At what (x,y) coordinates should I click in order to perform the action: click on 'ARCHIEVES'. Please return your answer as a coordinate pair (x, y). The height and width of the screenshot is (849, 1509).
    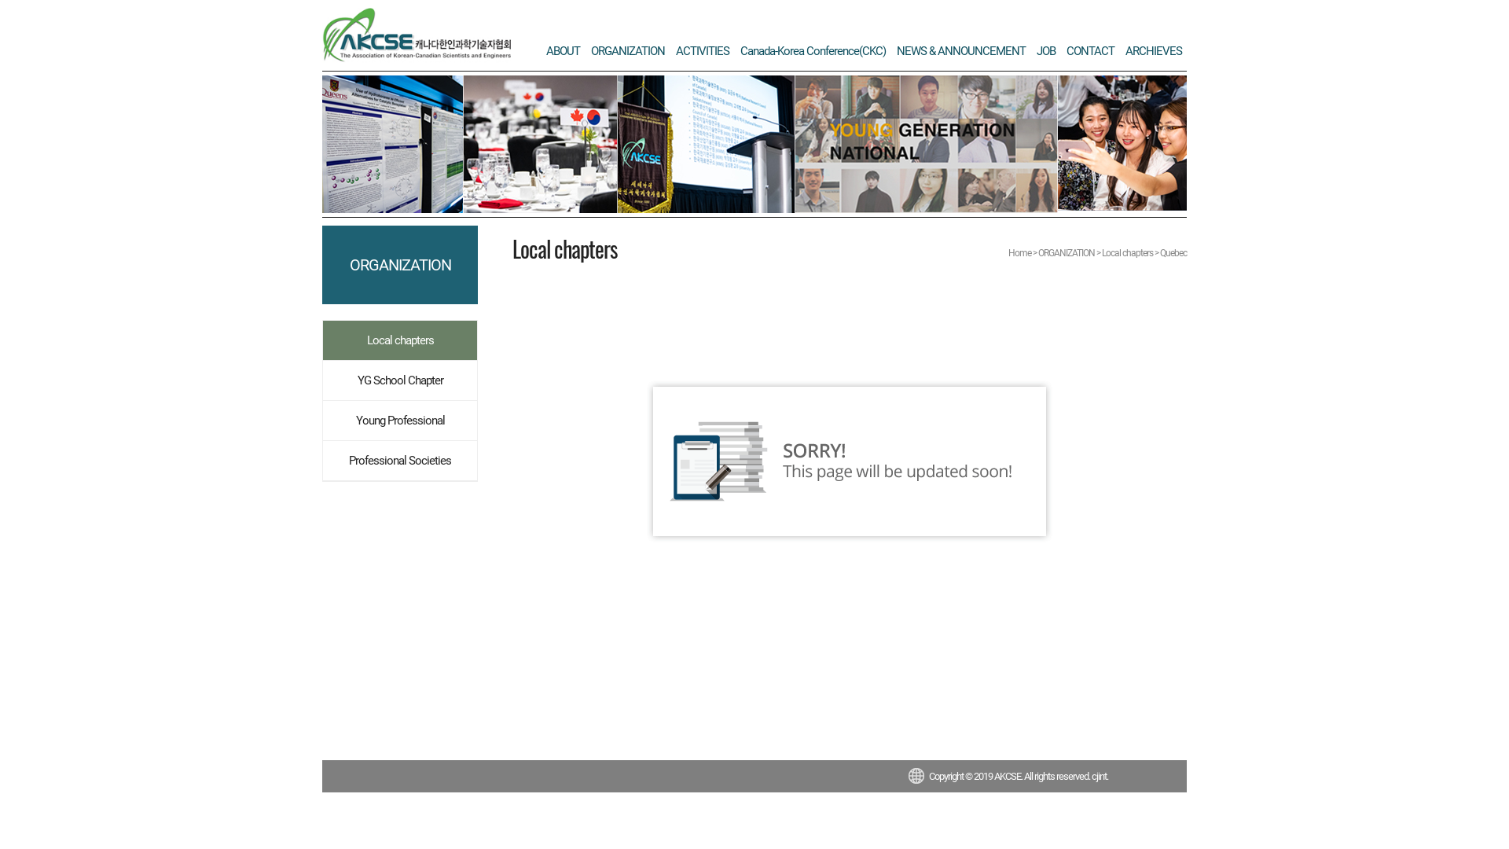
    Looking at the image, I should click on (1154, 50).